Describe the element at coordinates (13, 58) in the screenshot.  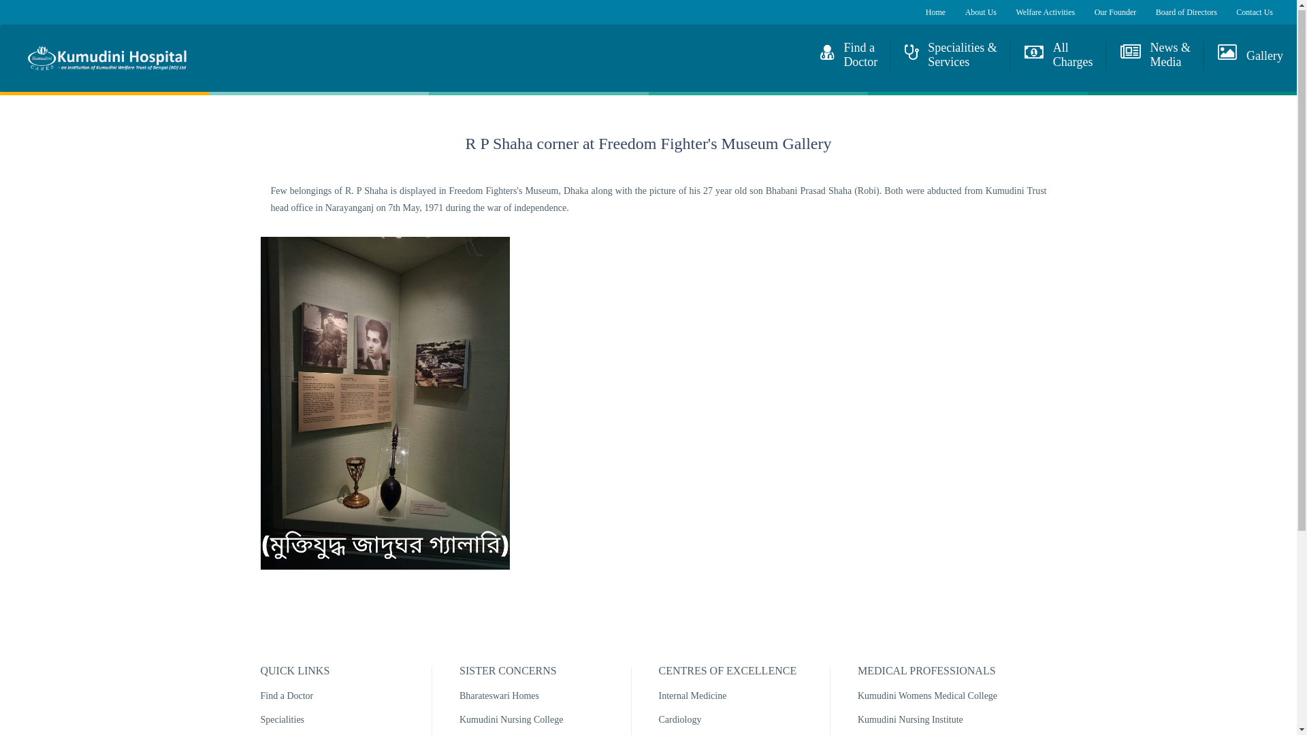
I see `'Home'` at that location.